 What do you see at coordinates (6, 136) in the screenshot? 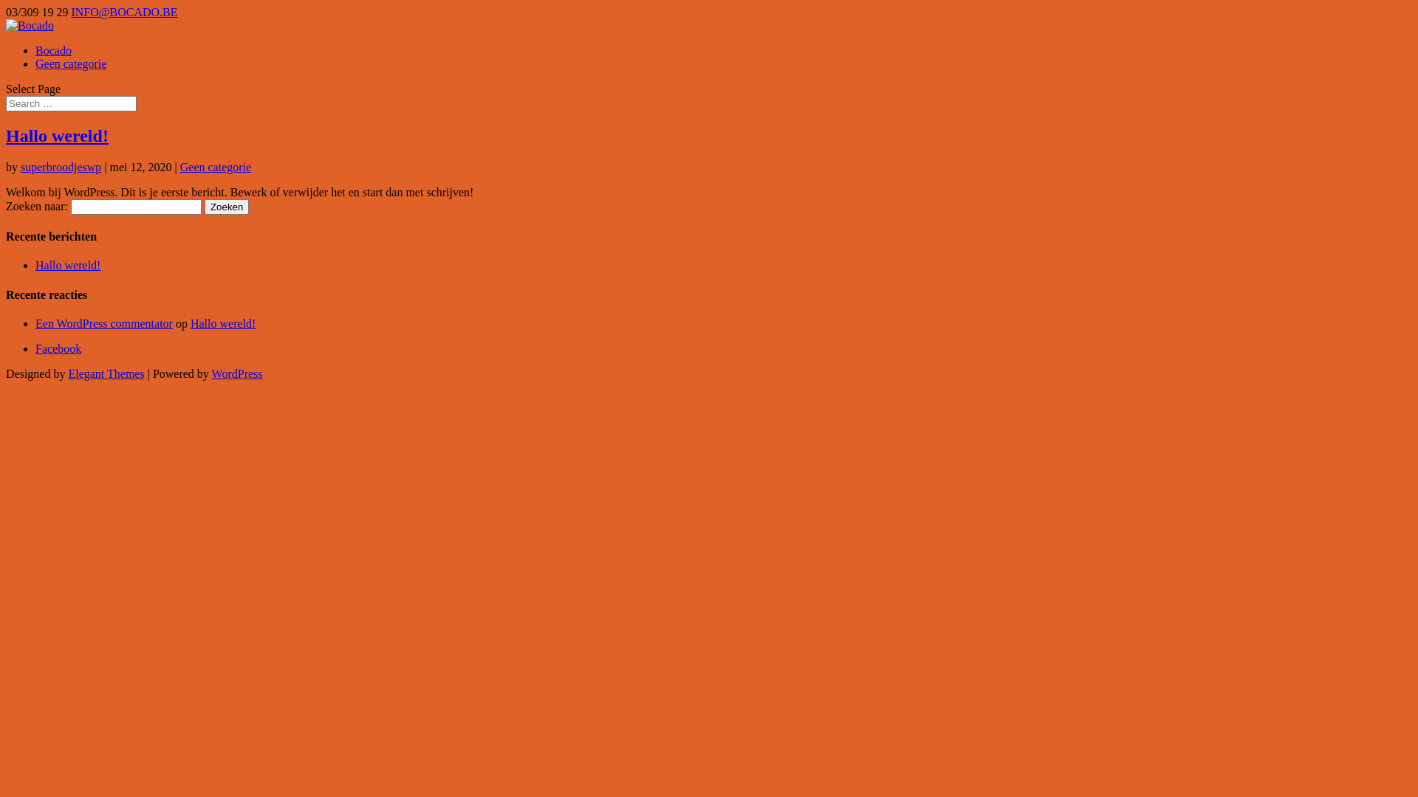
I see `'Hallo wereld!'` at bounding box center [6, 136].